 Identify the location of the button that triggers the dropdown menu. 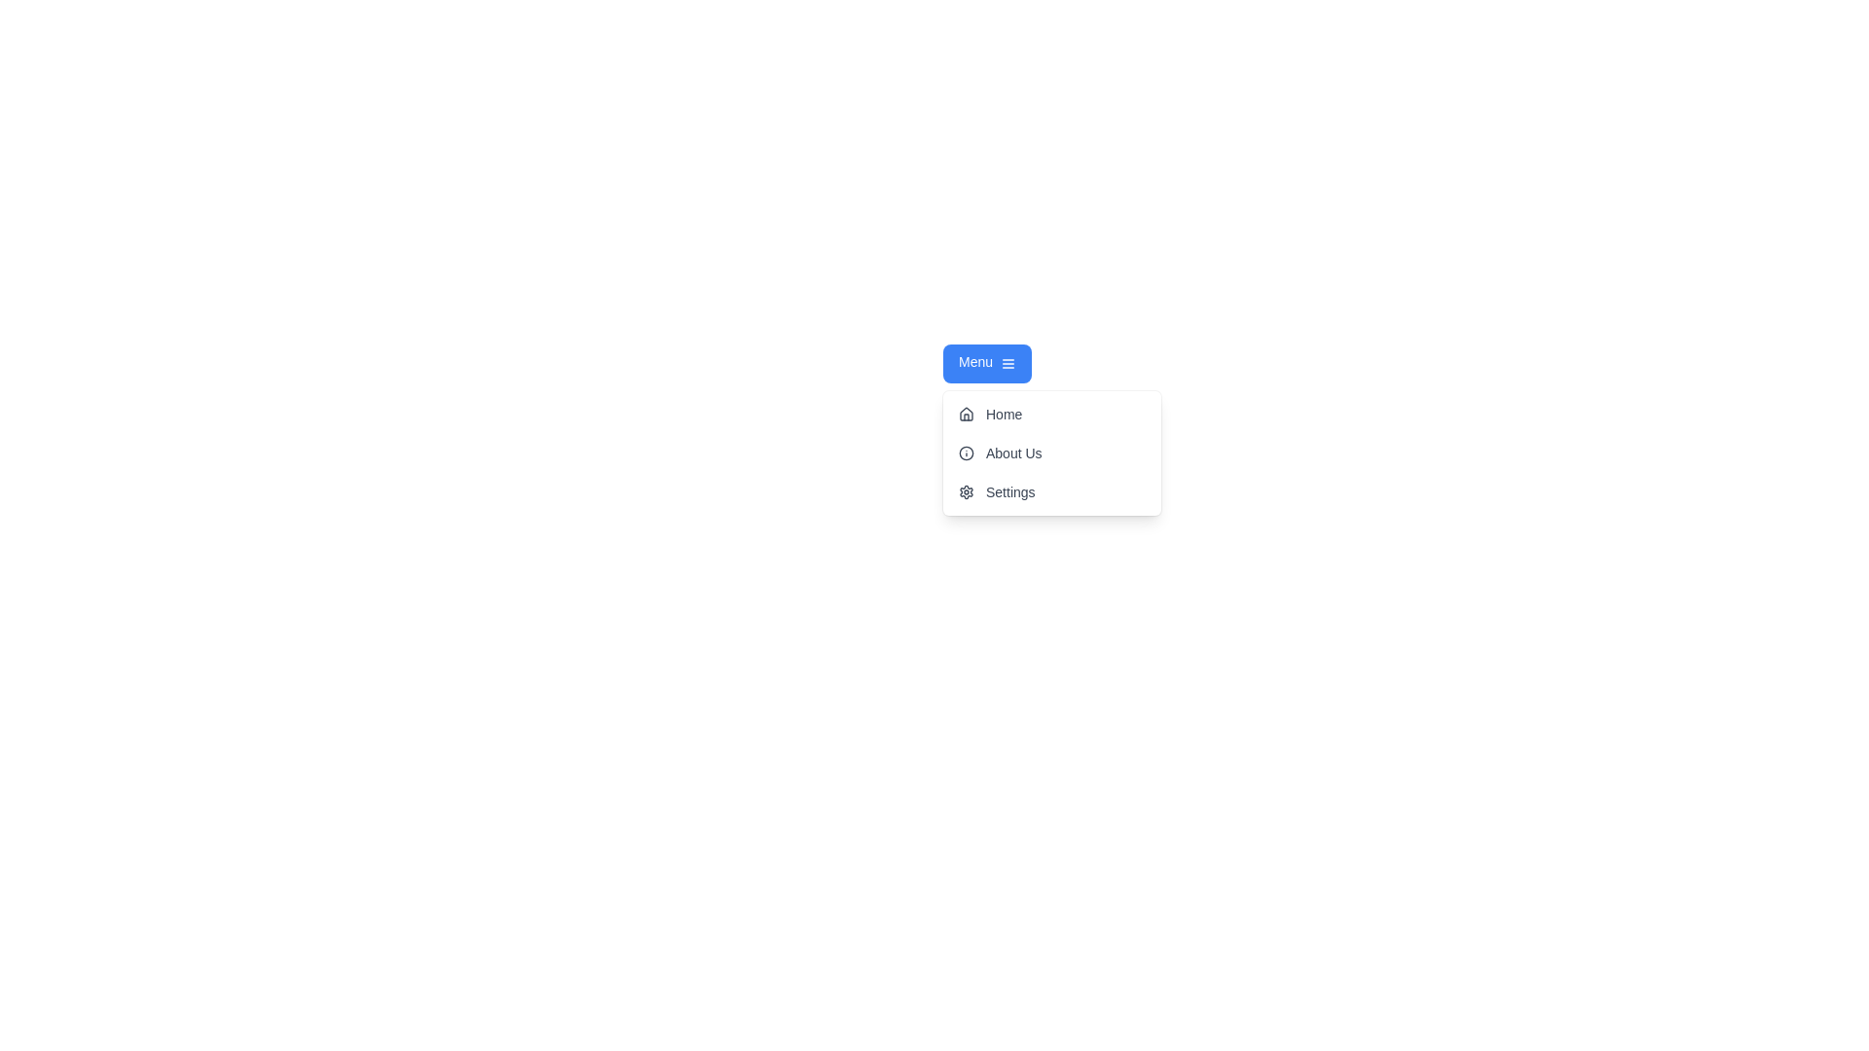
(987, 364).